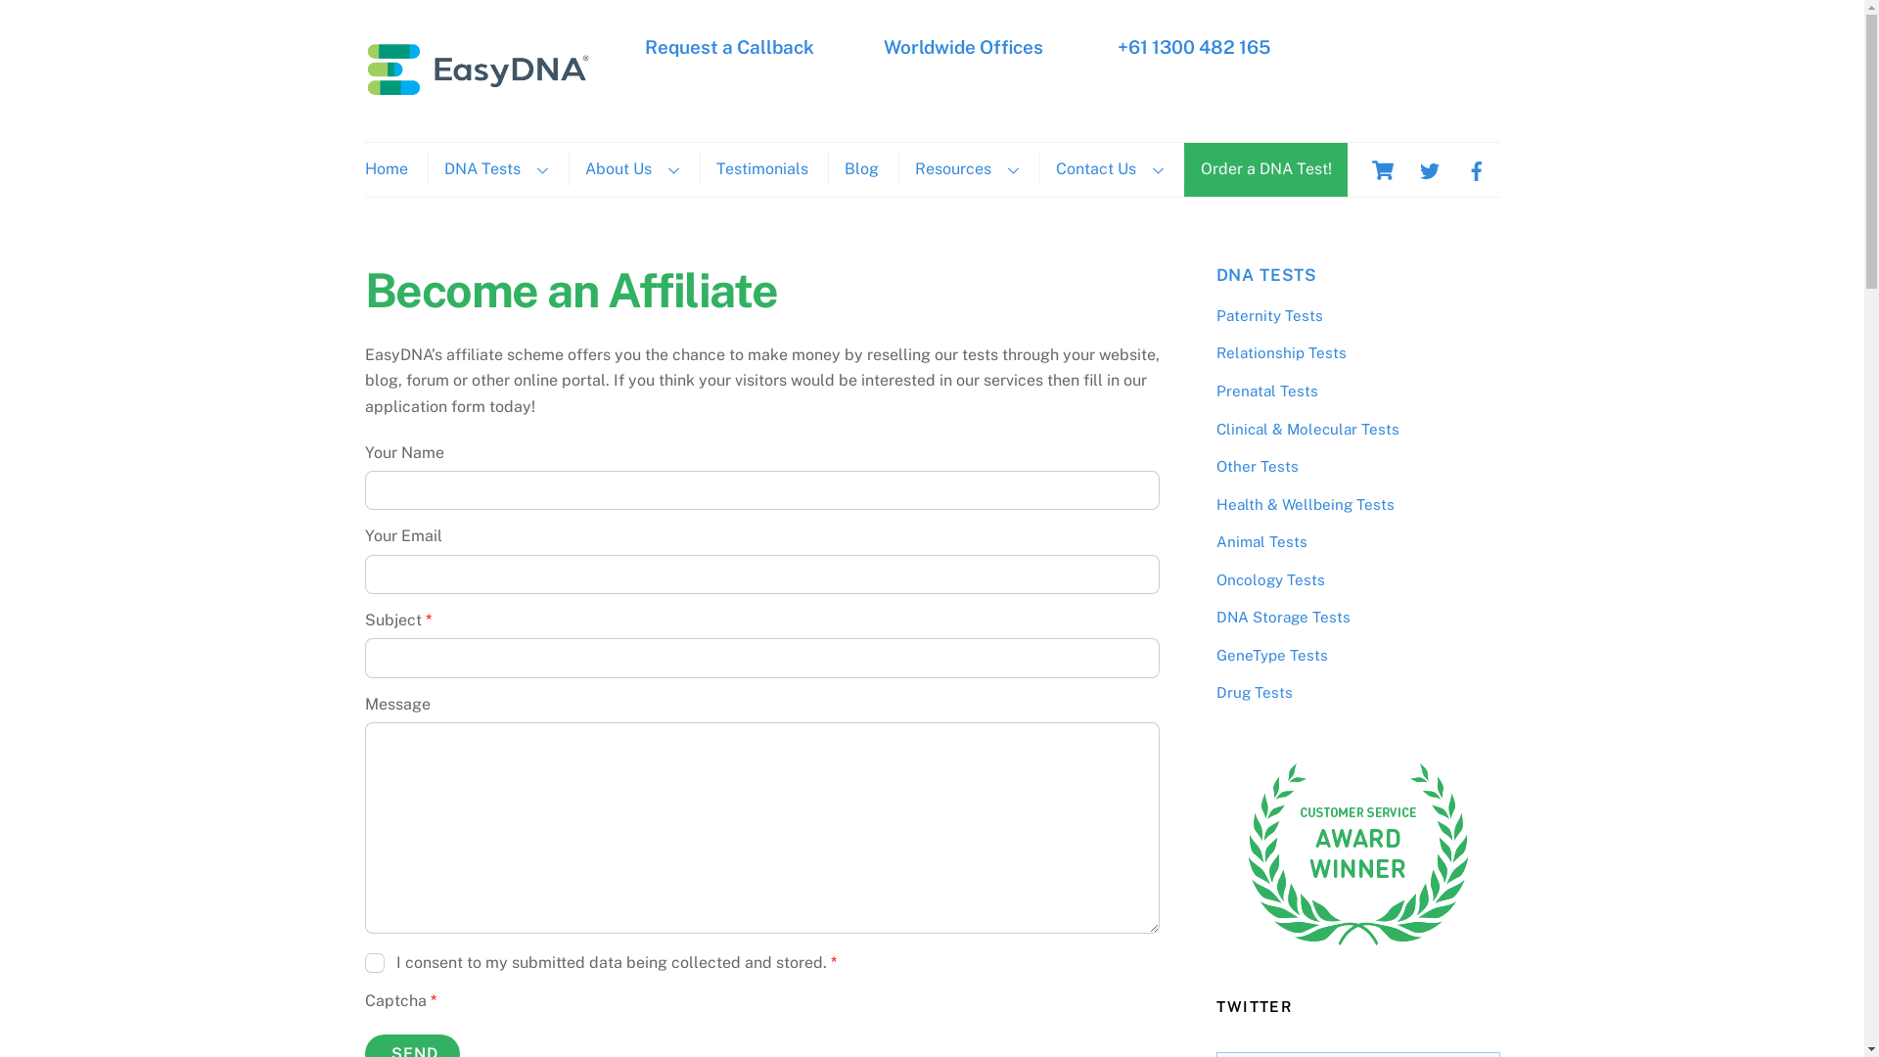  I want to click on 'Home', so click(392, 168).